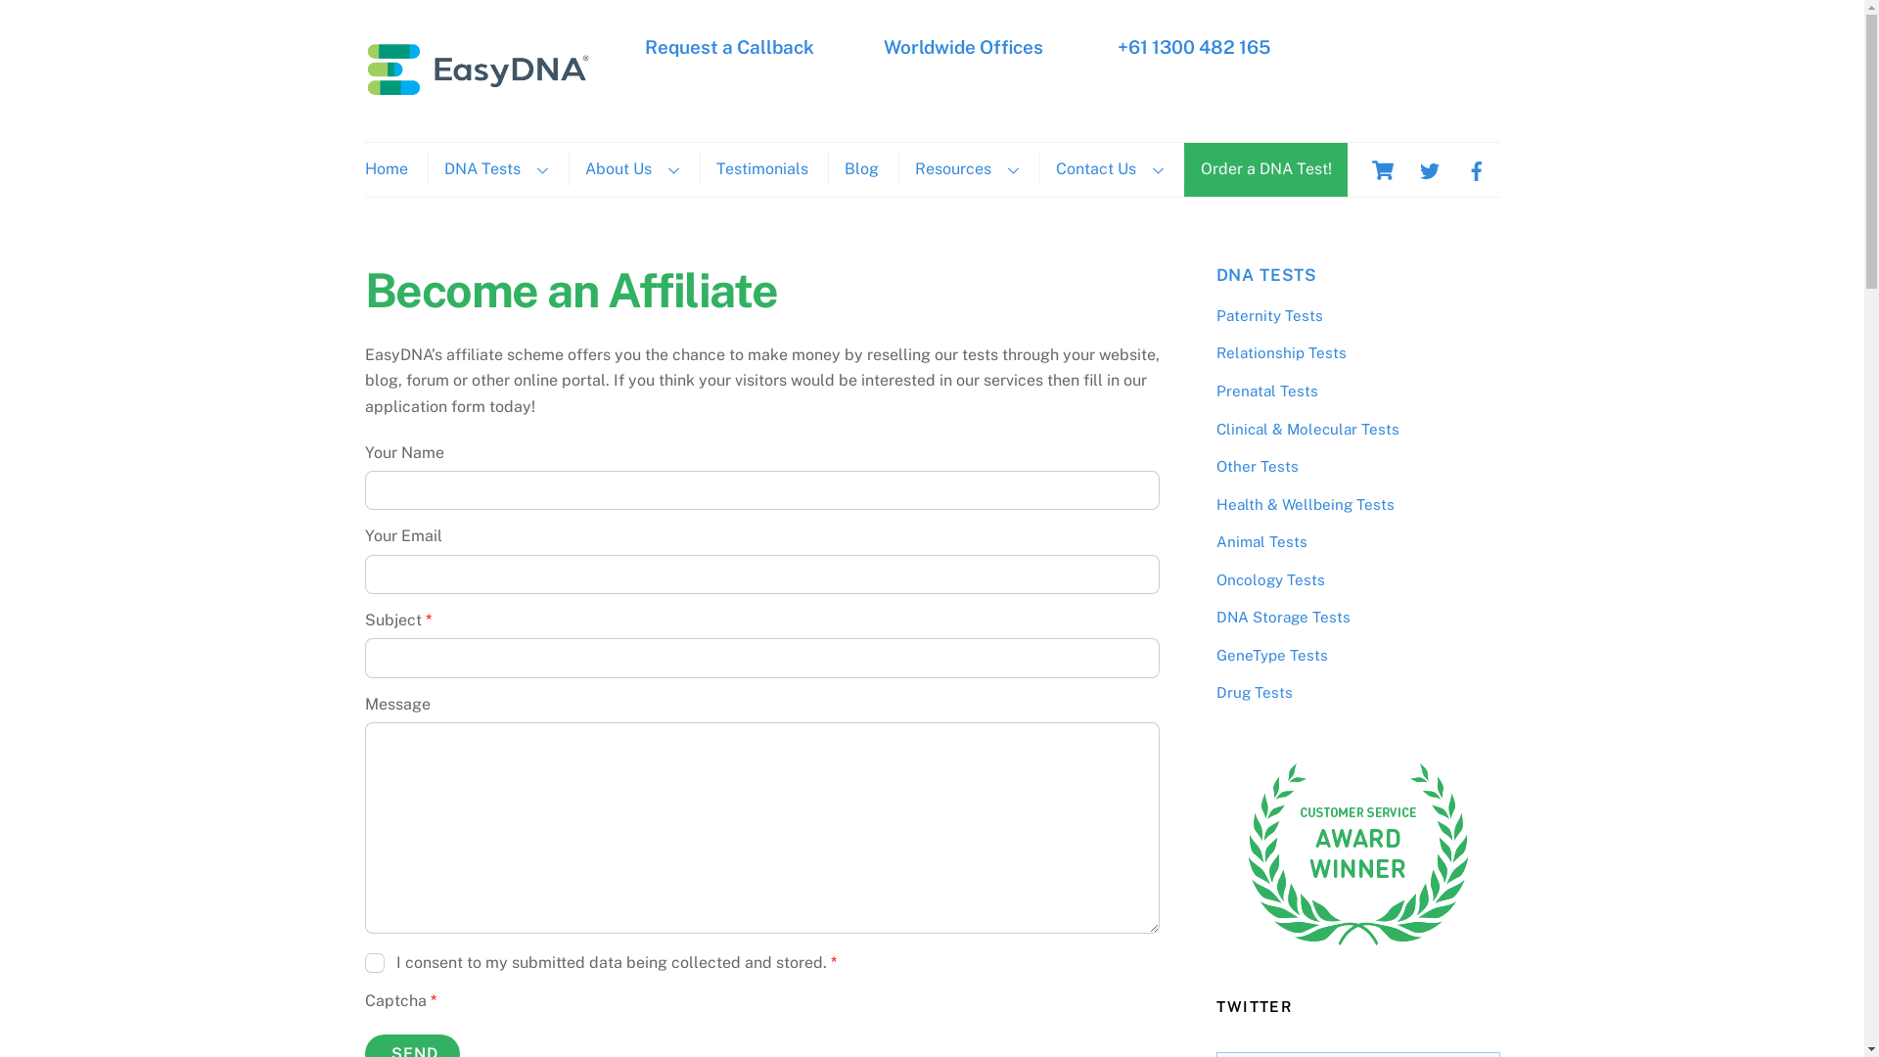  I want to click on 'Home', so click(392, 168).